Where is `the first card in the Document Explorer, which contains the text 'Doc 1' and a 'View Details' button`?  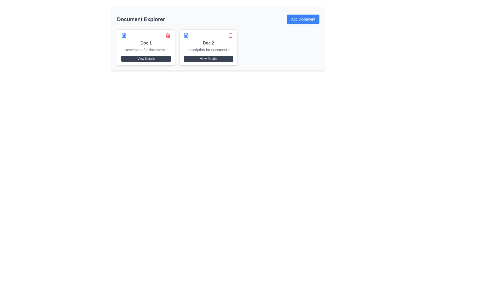
the first card in the Document Explorer, which contains the text 'Doc 1' and a 'View Details' button is located at coordinates (146, 47).